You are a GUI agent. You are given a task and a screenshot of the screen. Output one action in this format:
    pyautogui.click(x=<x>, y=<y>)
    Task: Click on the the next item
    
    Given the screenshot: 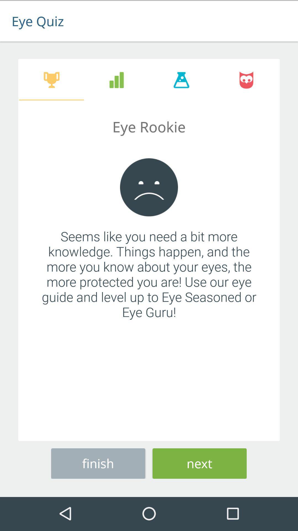 What is the action you would take?
    pyautogui.click(x=199, y=462)
    